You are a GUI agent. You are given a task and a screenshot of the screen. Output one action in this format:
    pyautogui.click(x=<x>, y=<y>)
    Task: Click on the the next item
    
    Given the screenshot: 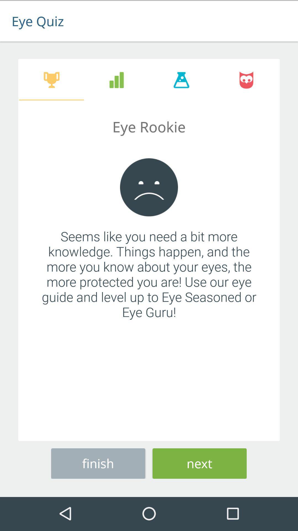 What is the action you would take?
    pyautogui.click(x=199, y=462)
    